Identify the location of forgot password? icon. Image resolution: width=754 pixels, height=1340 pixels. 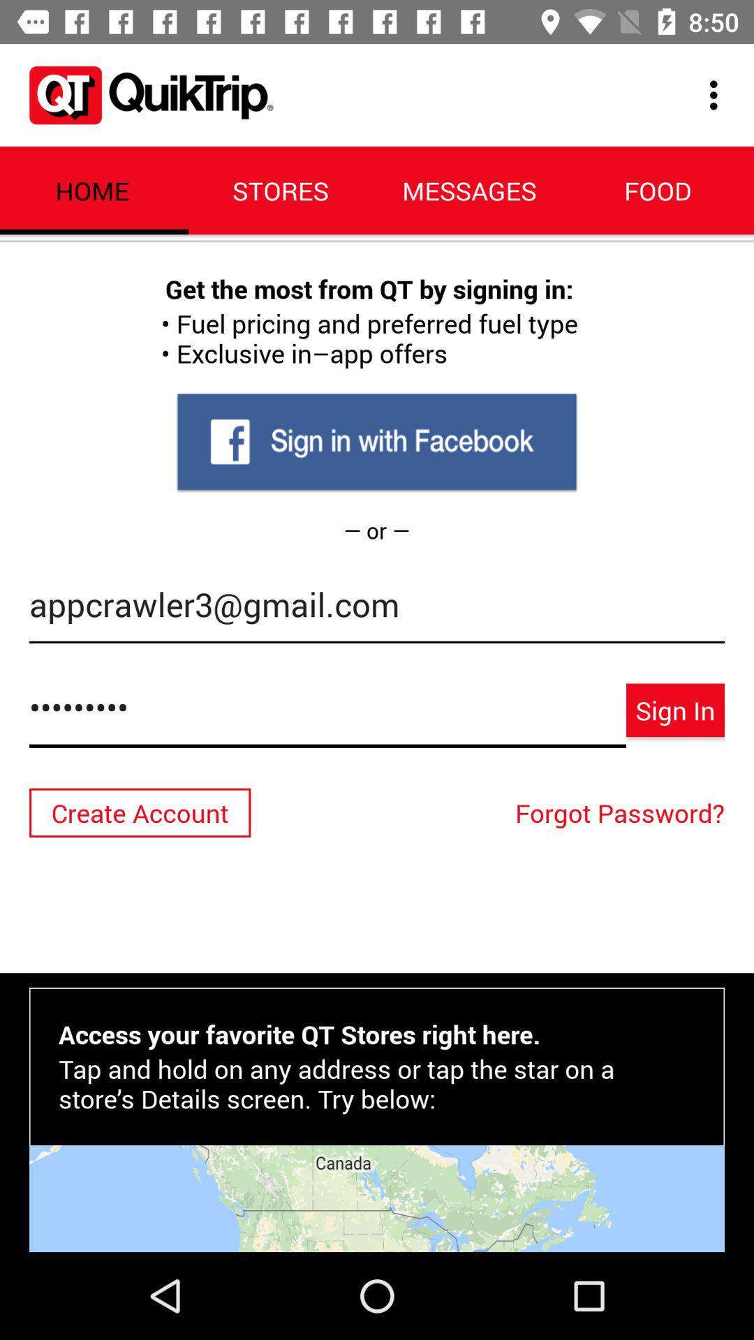
(623, 812).